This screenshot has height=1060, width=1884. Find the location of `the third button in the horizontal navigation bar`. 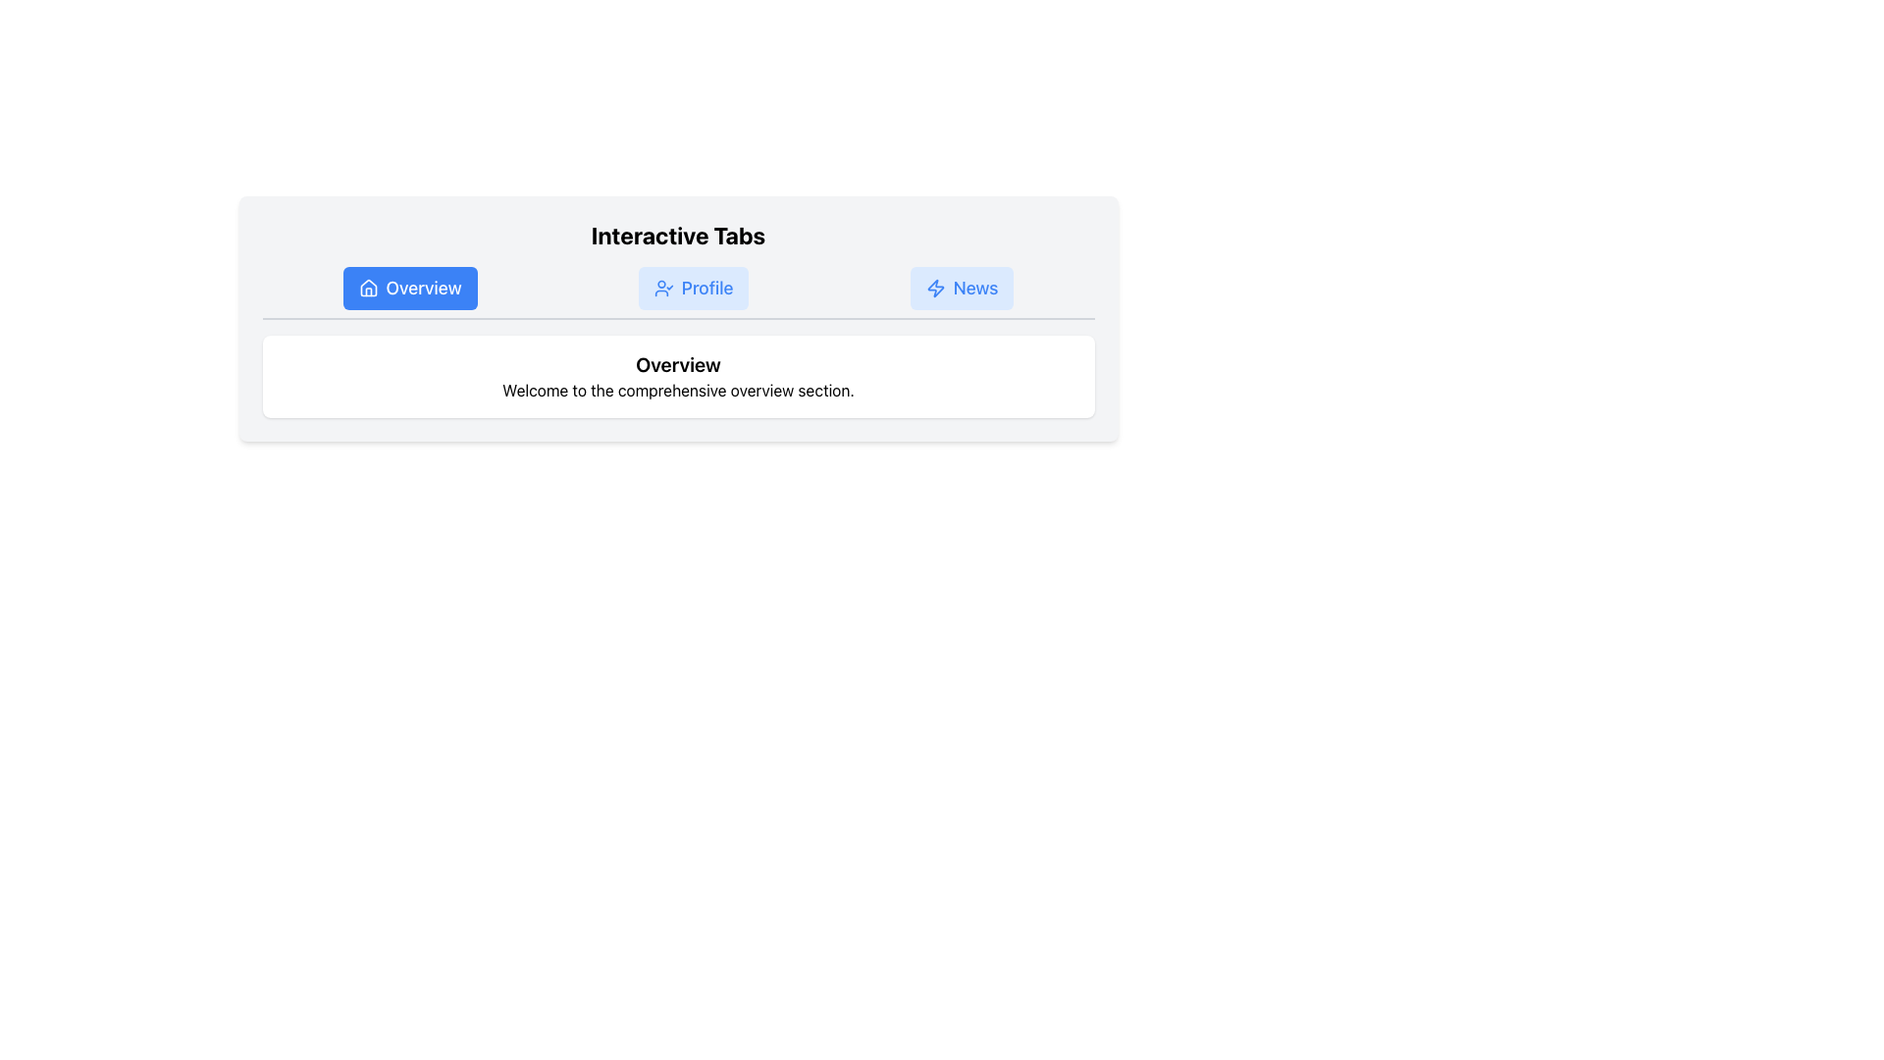

the third button in the horizontal navigation bar is located at coordinates (962, 288).